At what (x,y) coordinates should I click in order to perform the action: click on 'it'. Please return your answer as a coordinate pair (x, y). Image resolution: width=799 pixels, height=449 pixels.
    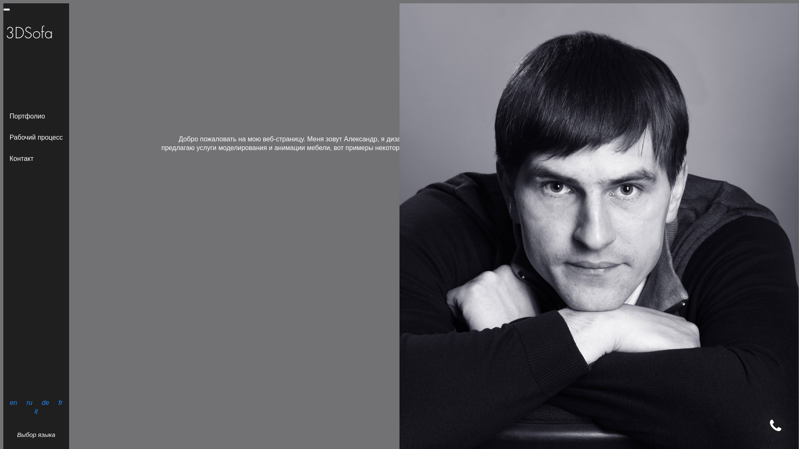
    Looking at the image, I should click on (35, 411).